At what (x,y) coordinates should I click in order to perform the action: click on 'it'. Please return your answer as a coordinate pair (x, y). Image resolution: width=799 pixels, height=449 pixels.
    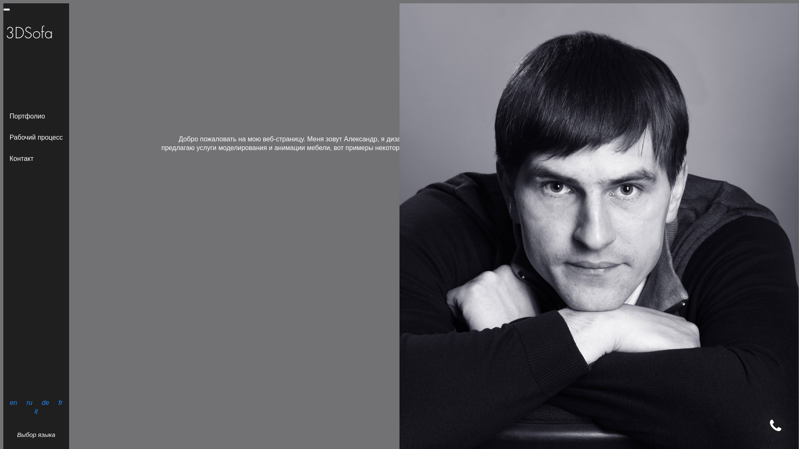
    Looking at the image, I should click on (35, 411).